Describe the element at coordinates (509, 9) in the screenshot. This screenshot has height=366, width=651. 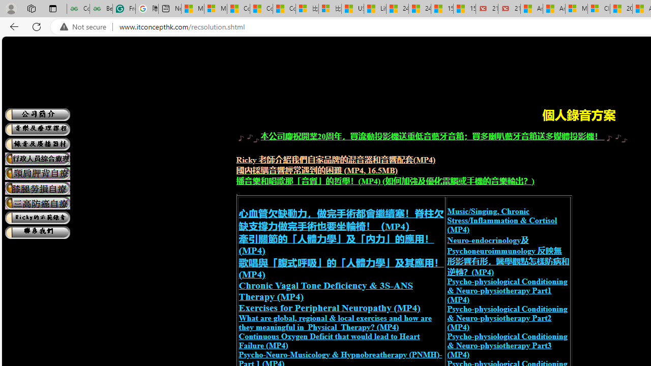
I see `'21 Movies That Outdid the Books They Were Based On'` at that location.